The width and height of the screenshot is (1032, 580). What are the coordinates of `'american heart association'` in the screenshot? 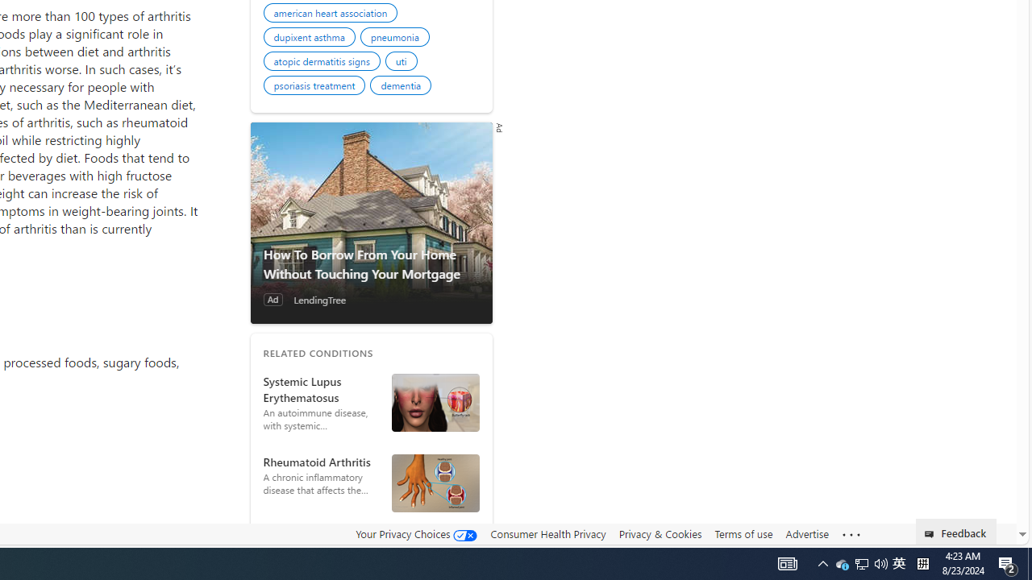 It's located at (332, 15).